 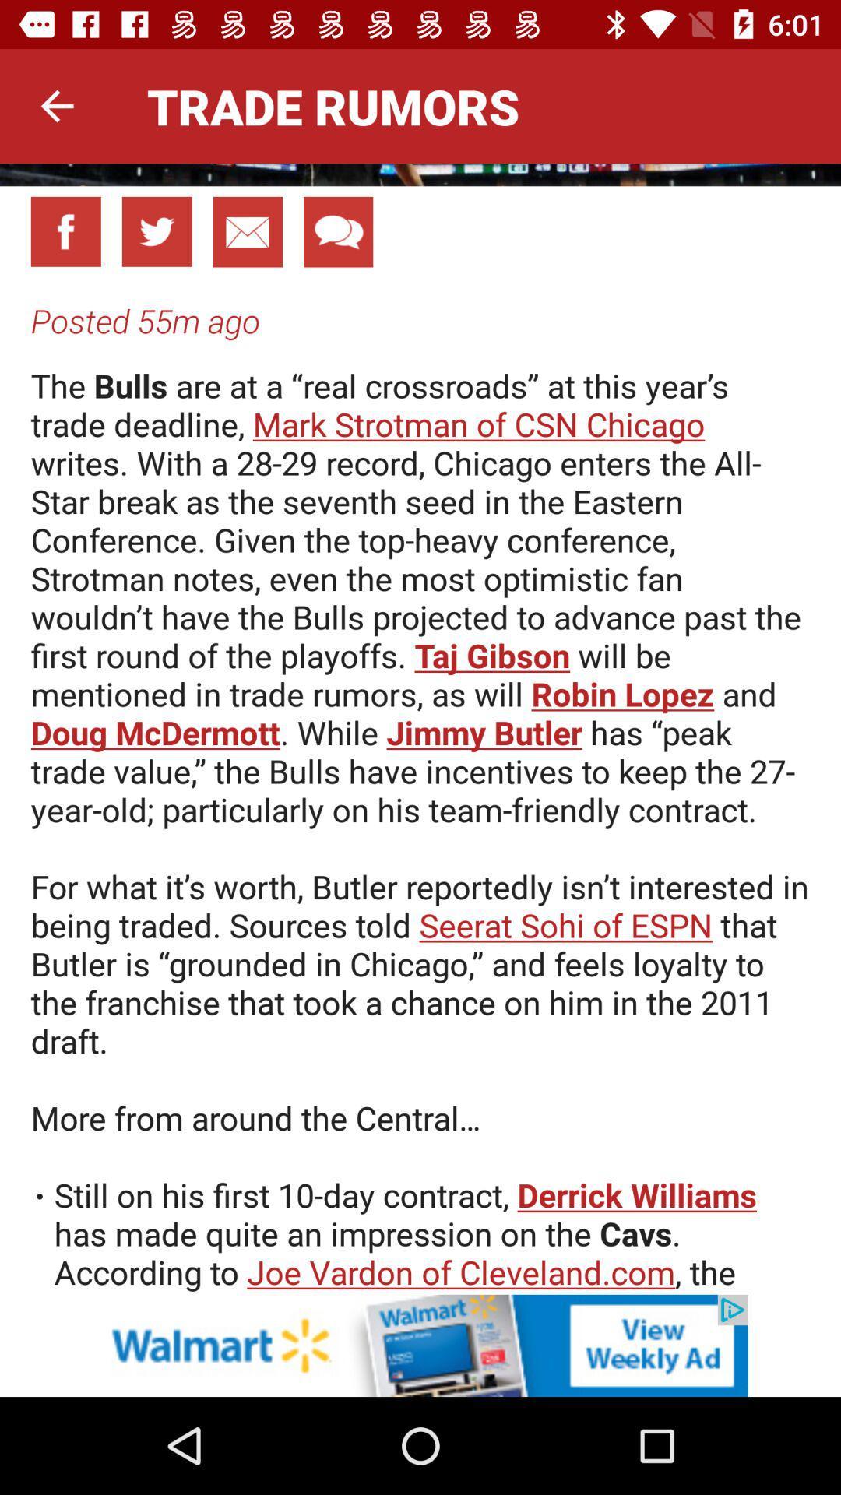 I want to click on the twitter icon, so click(x=157, y=230).